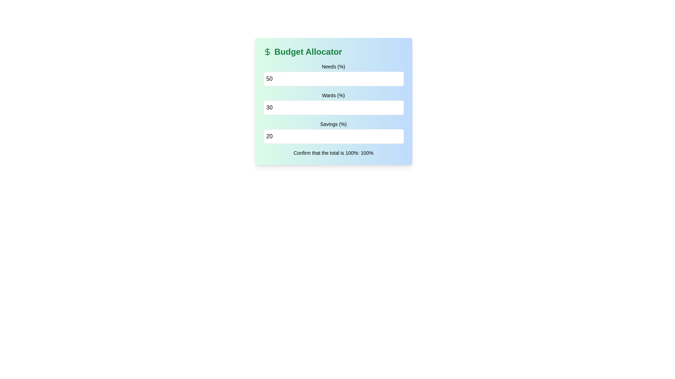 The height and width of the screenshot is (379, 675). Describe the element at coordinates (267, 51) in the screenshot. I see `the lower curved segment of the dollar sign icon, which is part of an SVG graphic styled in green and located to the left of the text 'Budget Allocator'` at that location.